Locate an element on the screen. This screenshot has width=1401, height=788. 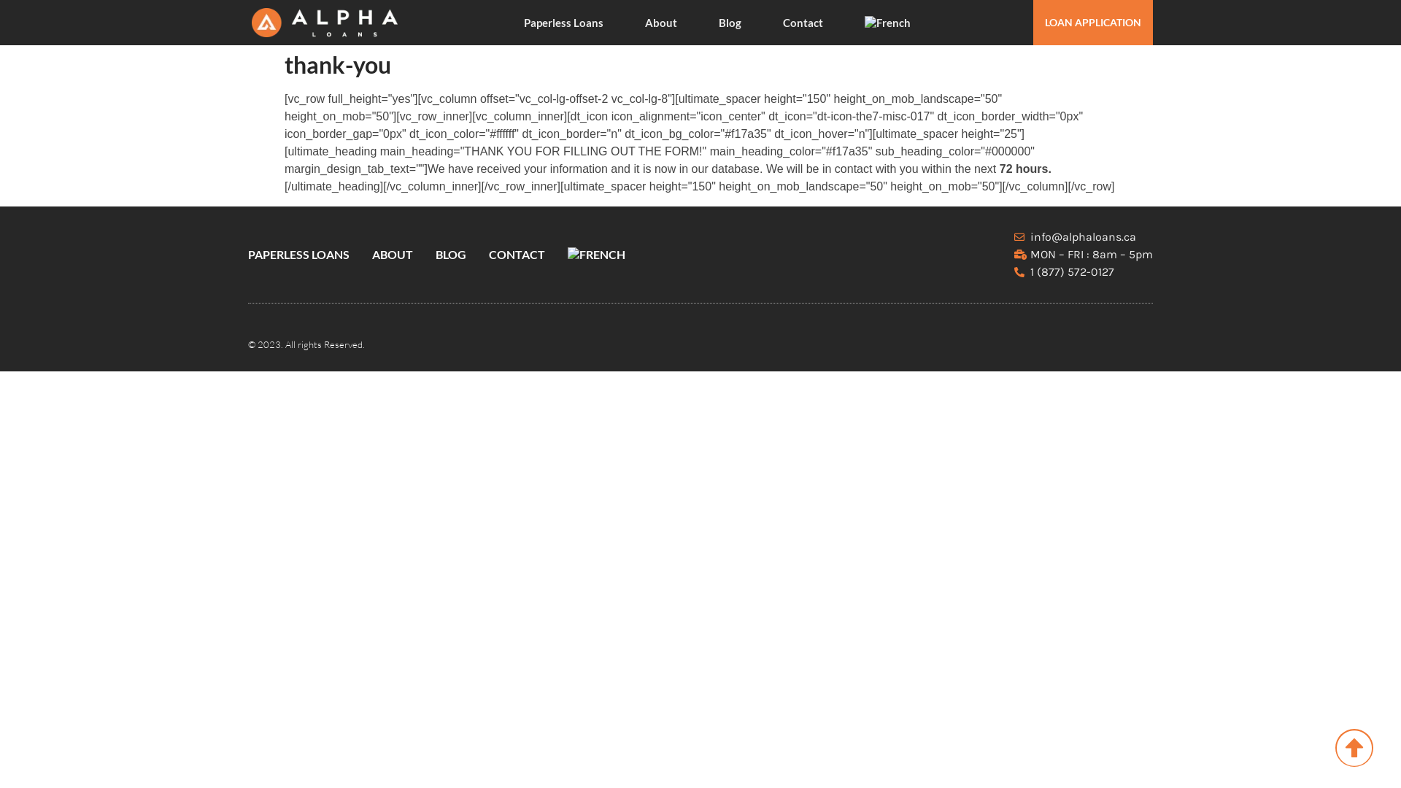
'Contact' is located at coordinates (802, 22).